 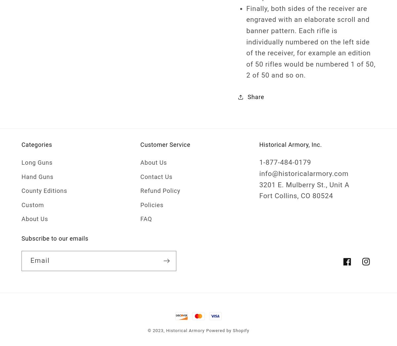 I want to click on 'Fort Collins, CO 80524', so click(x=295, y=196).